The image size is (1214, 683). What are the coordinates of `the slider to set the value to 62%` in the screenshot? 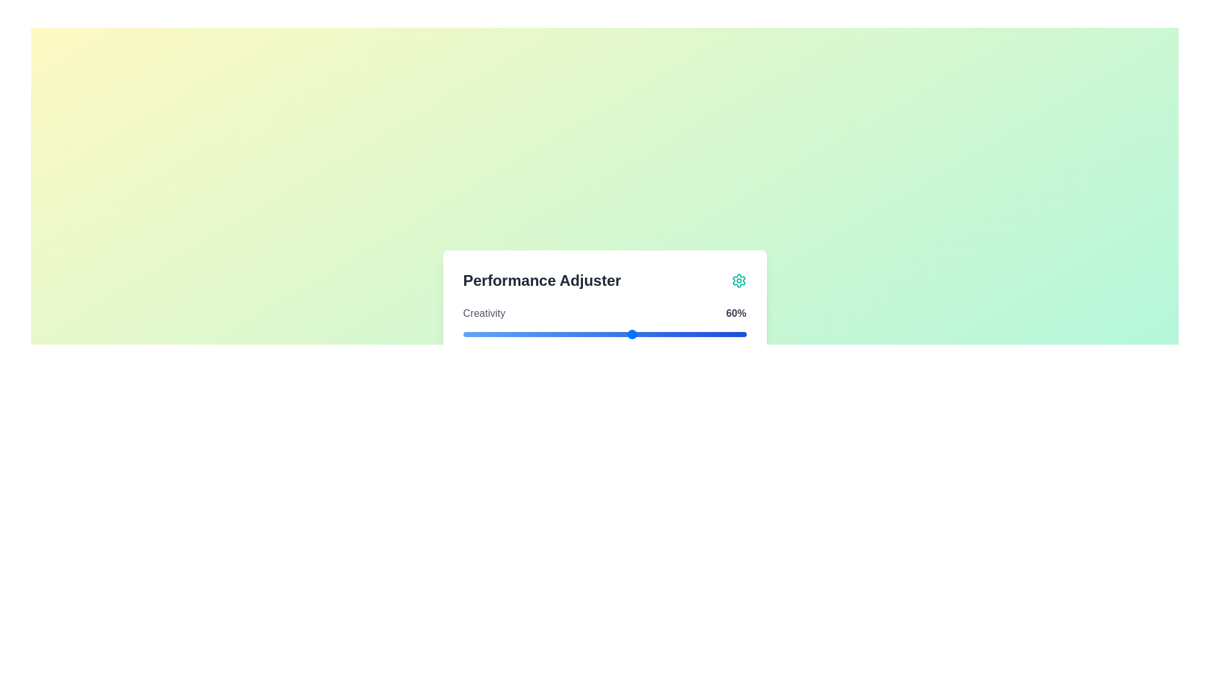 It's located at (639, 333).